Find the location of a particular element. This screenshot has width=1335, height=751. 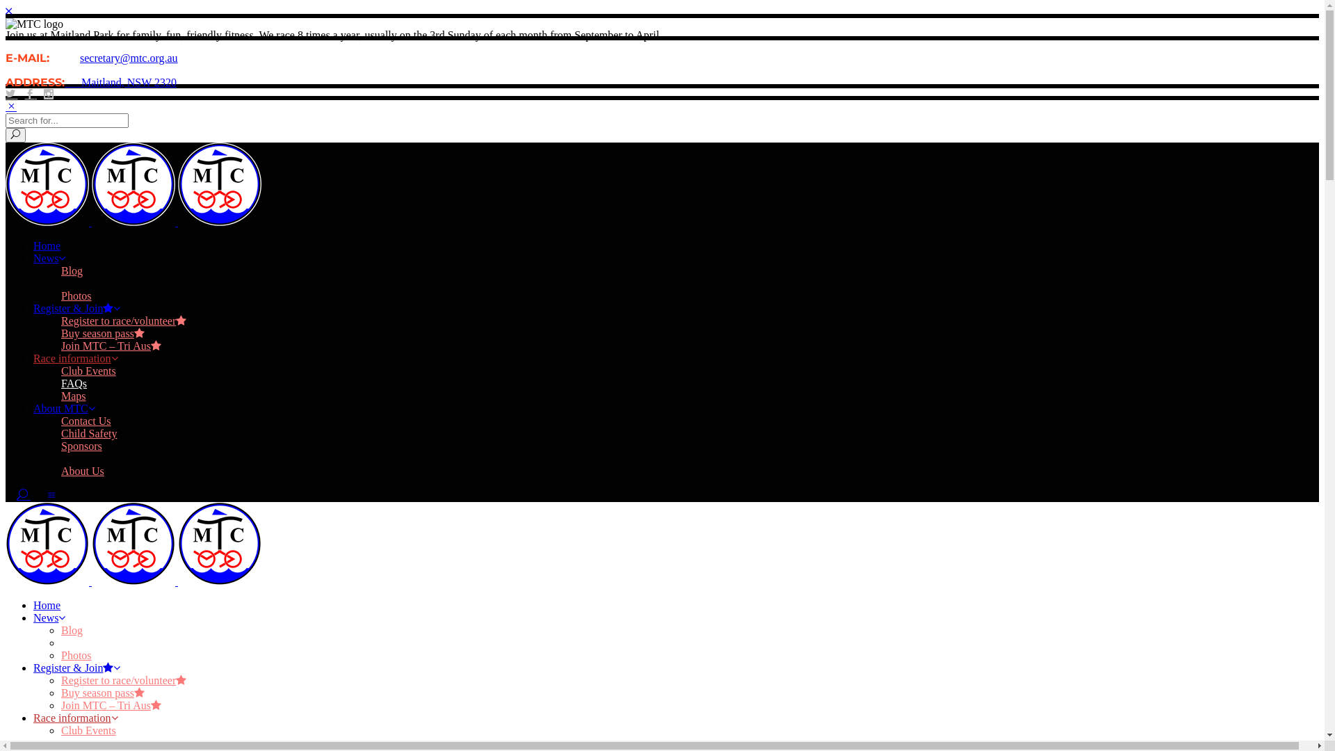

'Register to race/volunteer' is located at coordinates (60, 321).